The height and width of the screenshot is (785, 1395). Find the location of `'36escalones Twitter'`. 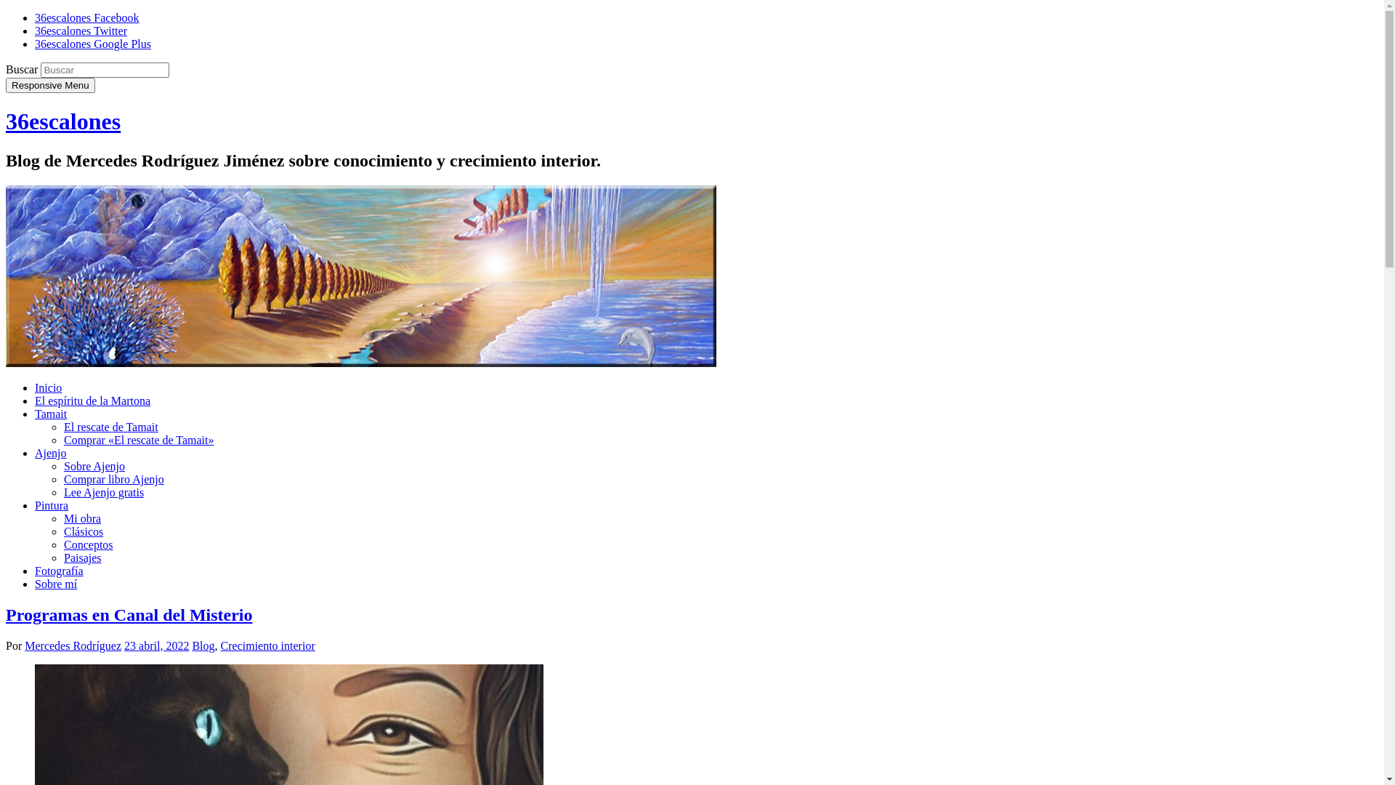

'36escalones Twitter' is located at coordinates (80, 31).